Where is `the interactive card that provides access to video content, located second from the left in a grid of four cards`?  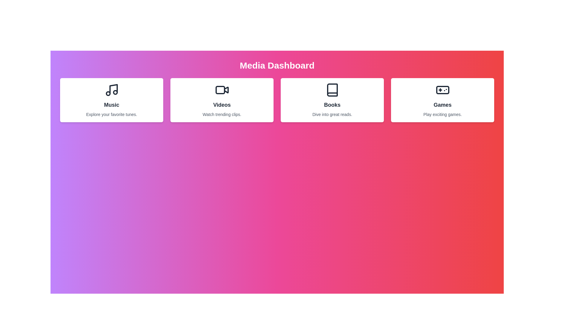
the interactive card that provides access to video content, located second from the left in a grid of four cards is located at coordinates (222, 100).